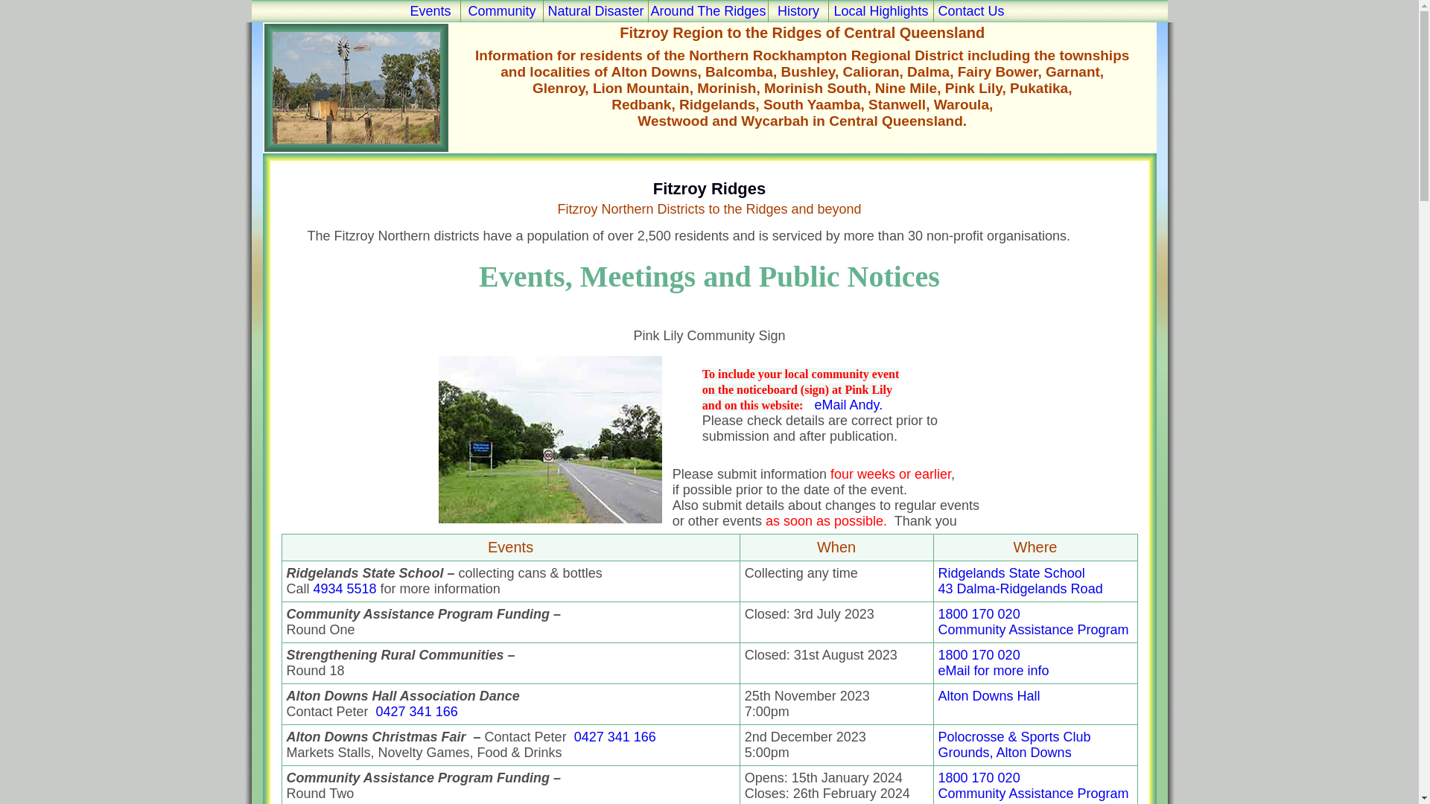  Describe the element at coordinates (937, 580) in the screenshot. I see `'Ridgelands State School` at that location.